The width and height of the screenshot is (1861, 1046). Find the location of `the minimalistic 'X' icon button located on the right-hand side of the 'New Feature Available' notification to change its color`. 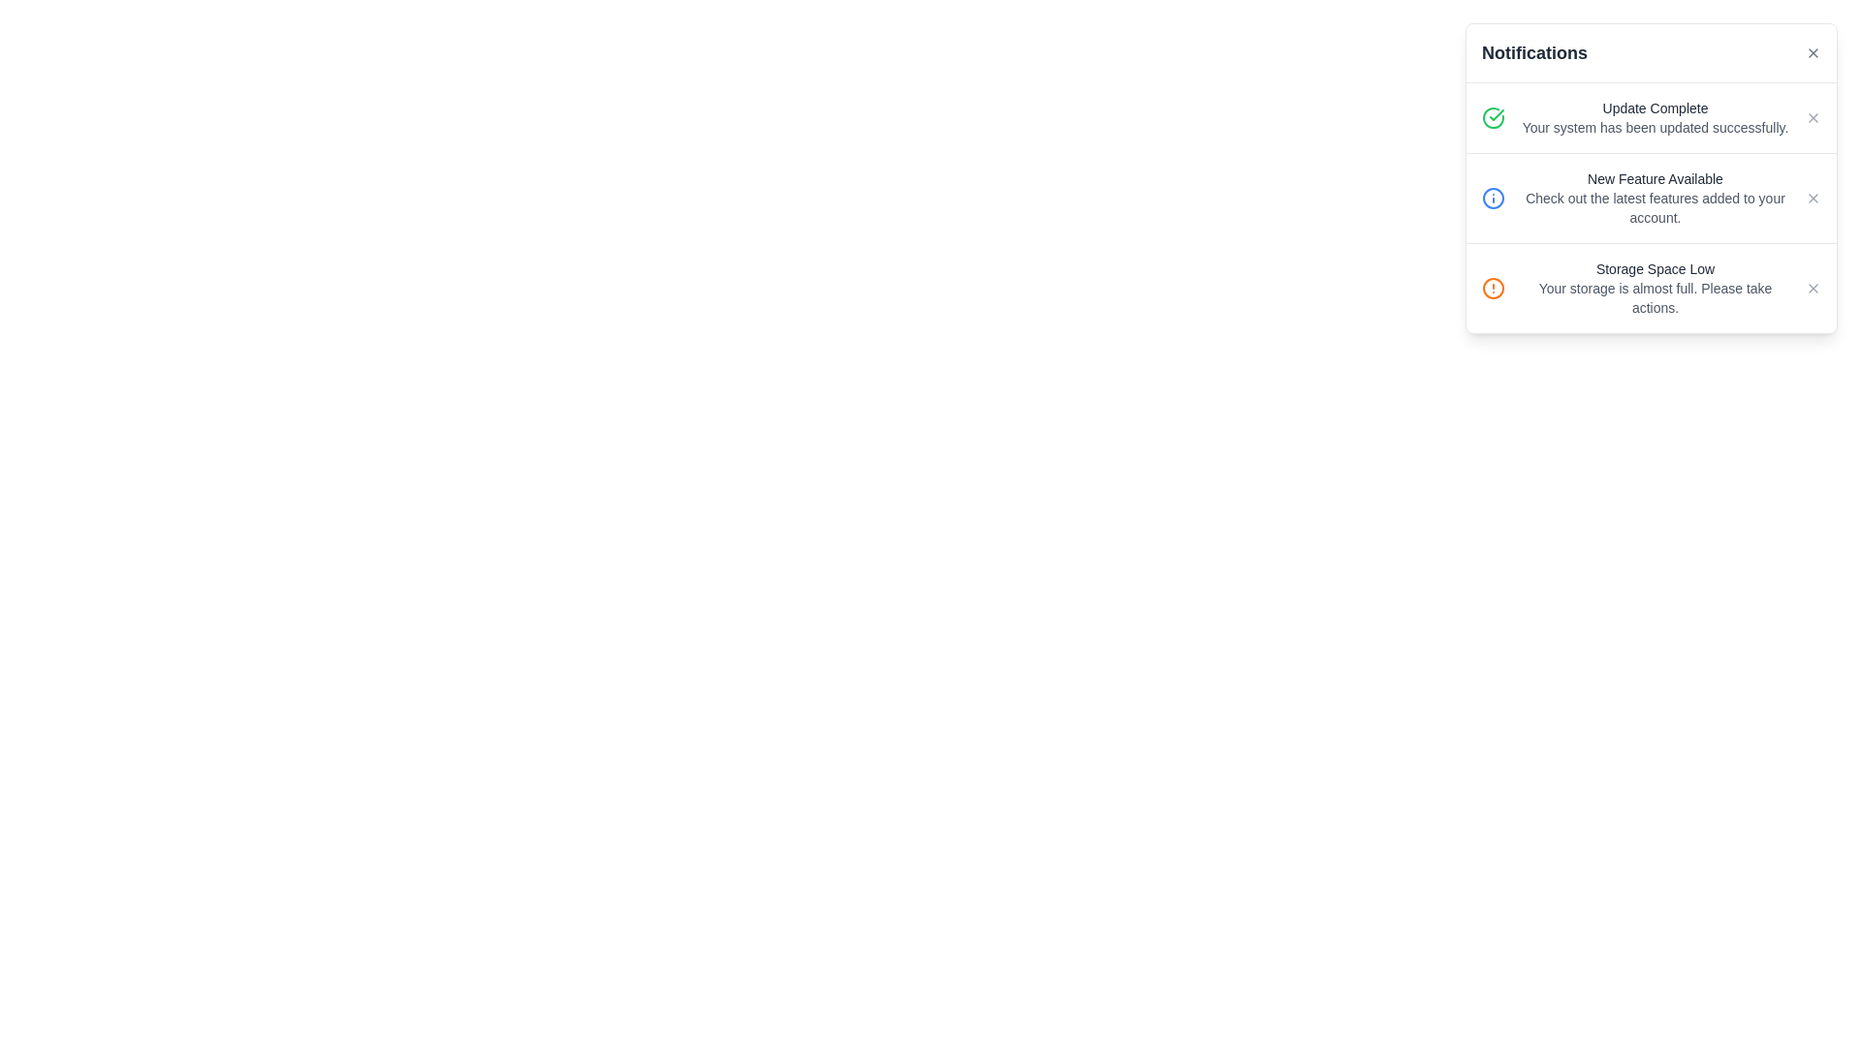

the minimalistic 'X' icon button located on the right-hand side of the 'New Feature Available' notification to change its color is located at coordinates (1813, 198).